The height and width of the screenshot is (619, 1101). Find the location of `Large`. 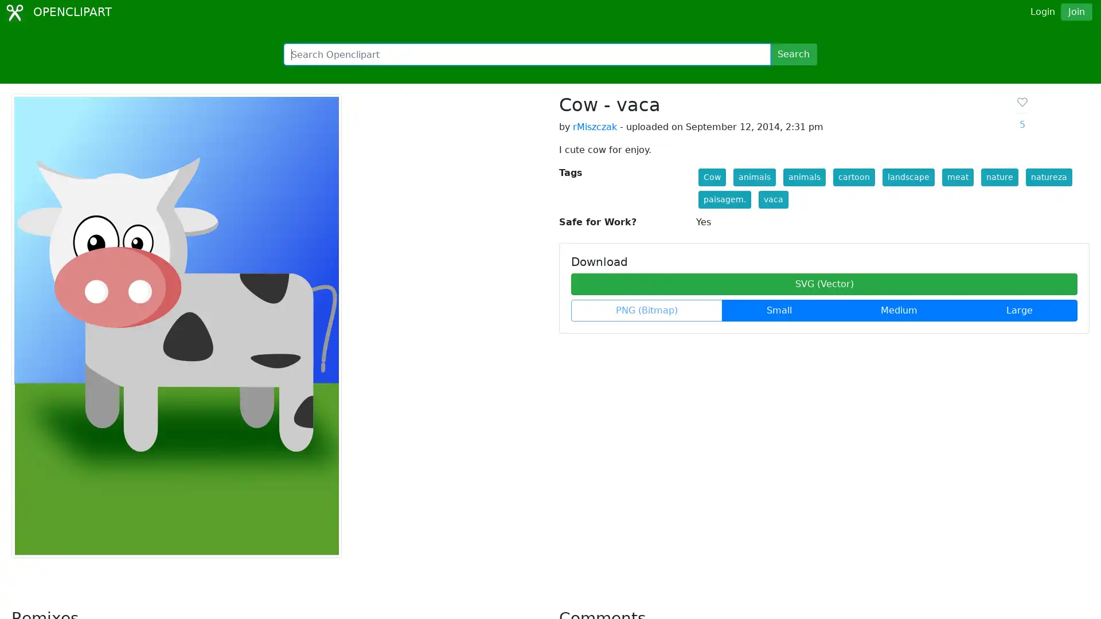

Large is located at coordinates (1019, 311).